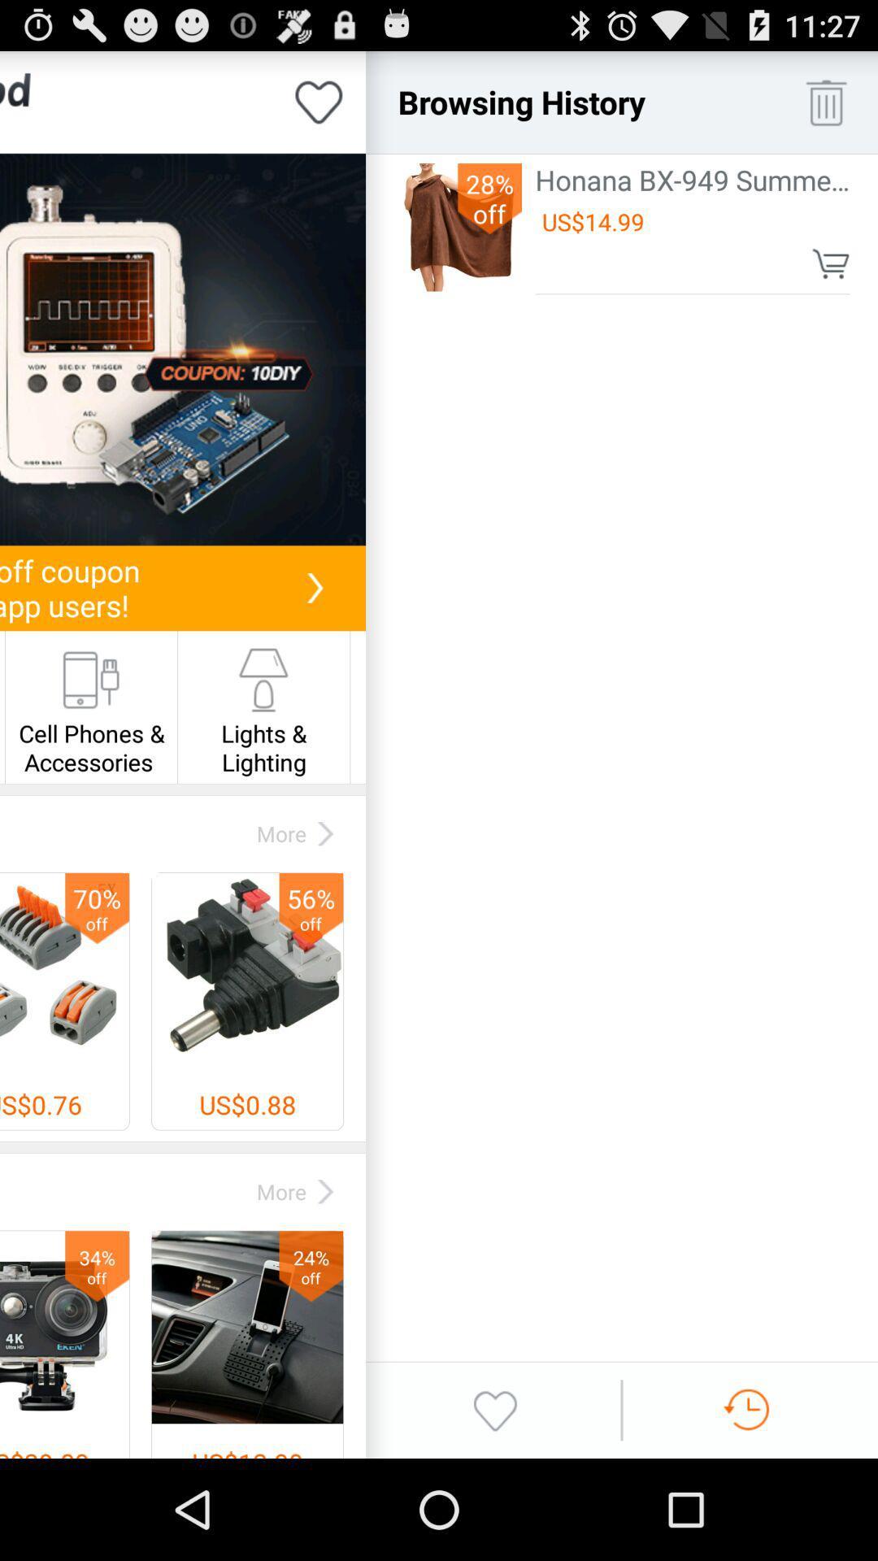  Describe the element at coordinates (830, 263) in the screenshot. I see `item to cart` at that location.